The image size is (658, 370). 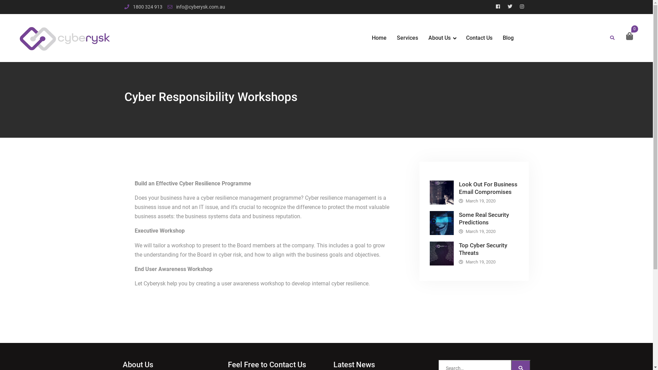 I want to click on 'Top Cyber Security Threats', so click(x=482, y=249).